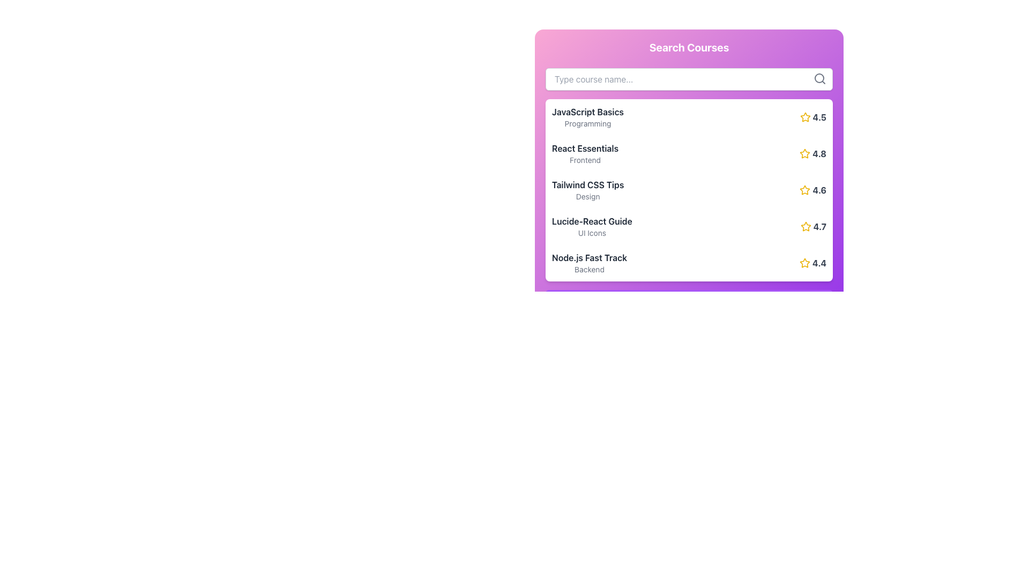 The height and width of the screenshot is (579, 1029). What do you see at coordinates (819, 117) in the screenshot?
I see `the bold static text label displaying the rating '4.5', which is styled in gray and located to the right of the star icon in the course list` at bounding box center [819, 117].